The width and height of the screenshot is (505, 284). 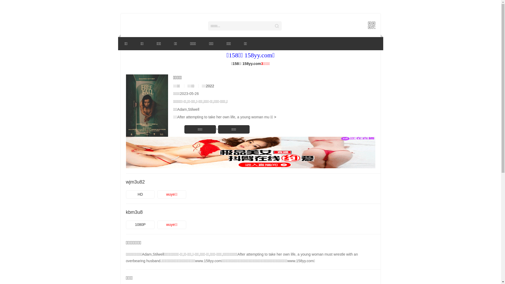 I want to click on 'HD', so click(x=140, y=195).